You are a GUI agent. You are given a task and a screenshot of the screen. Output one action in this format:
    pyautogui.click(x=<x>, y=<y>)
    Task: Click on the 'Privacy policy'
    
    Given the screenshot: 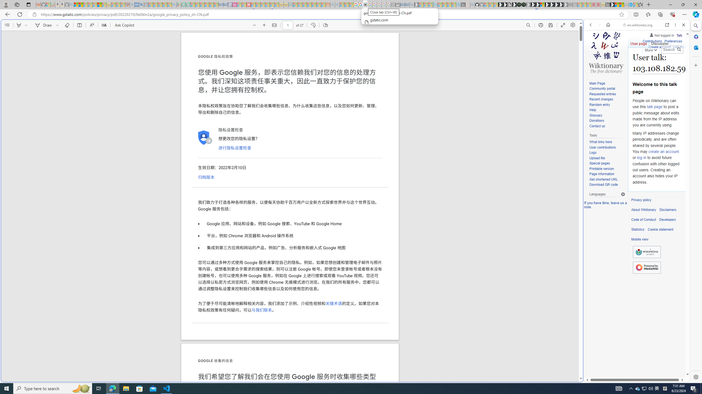 What is the action you would take?
    pyautogui.click(x=641, y=200)
    